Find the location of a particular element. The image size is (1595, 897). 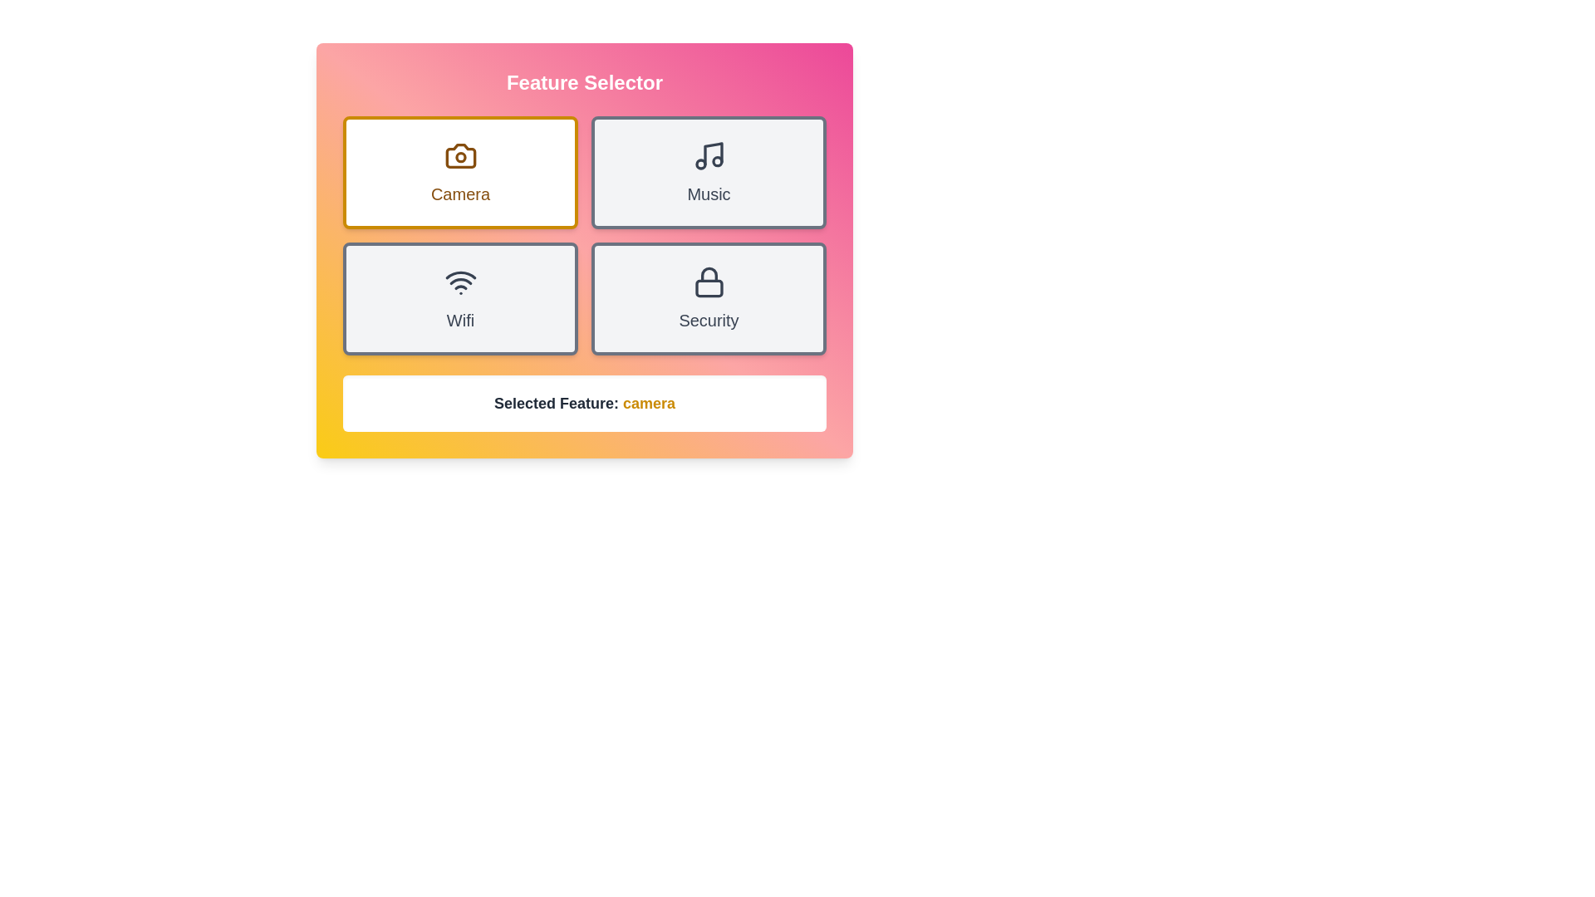

the 'WiFi' button located in the bottom-left position of the grid layout, below the 'Camera' element and to the left of the 'Security' element, to observe any visual effects is located at coordinates (460, 297).